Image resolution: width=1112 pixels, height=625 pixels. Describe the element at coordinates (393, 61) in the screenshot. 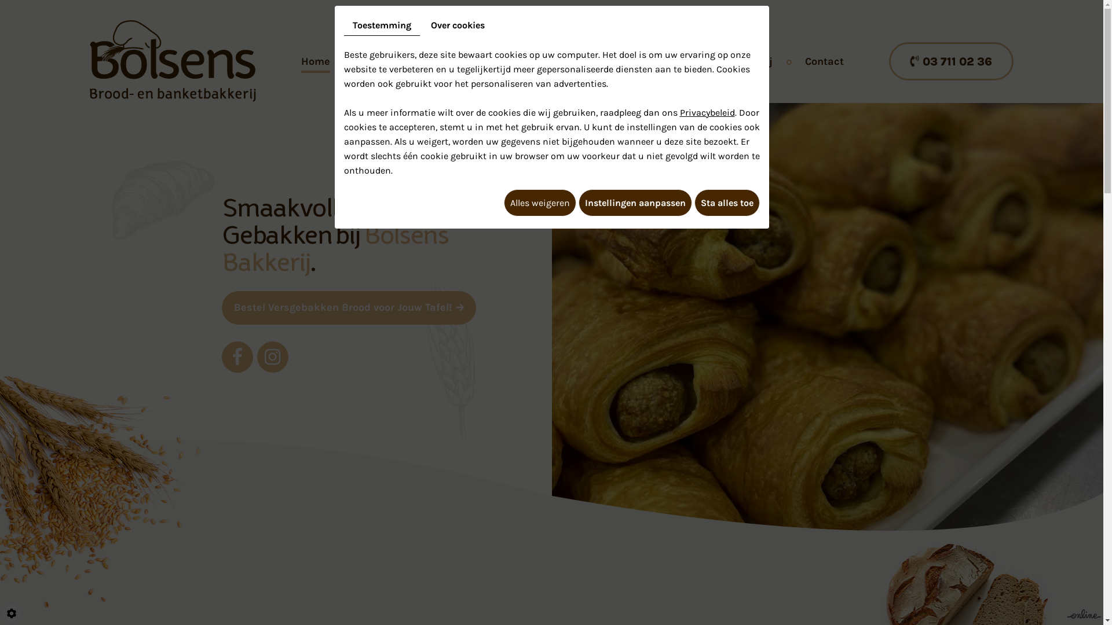

I see `'Assortiment'` at that location.